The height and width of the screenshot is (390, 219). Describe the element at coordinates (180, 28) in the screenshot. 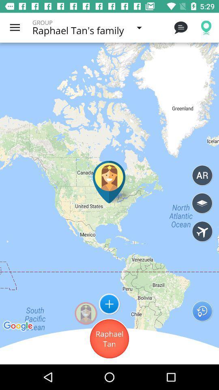

I see `icon next to the raphael tan s icon` at that location.